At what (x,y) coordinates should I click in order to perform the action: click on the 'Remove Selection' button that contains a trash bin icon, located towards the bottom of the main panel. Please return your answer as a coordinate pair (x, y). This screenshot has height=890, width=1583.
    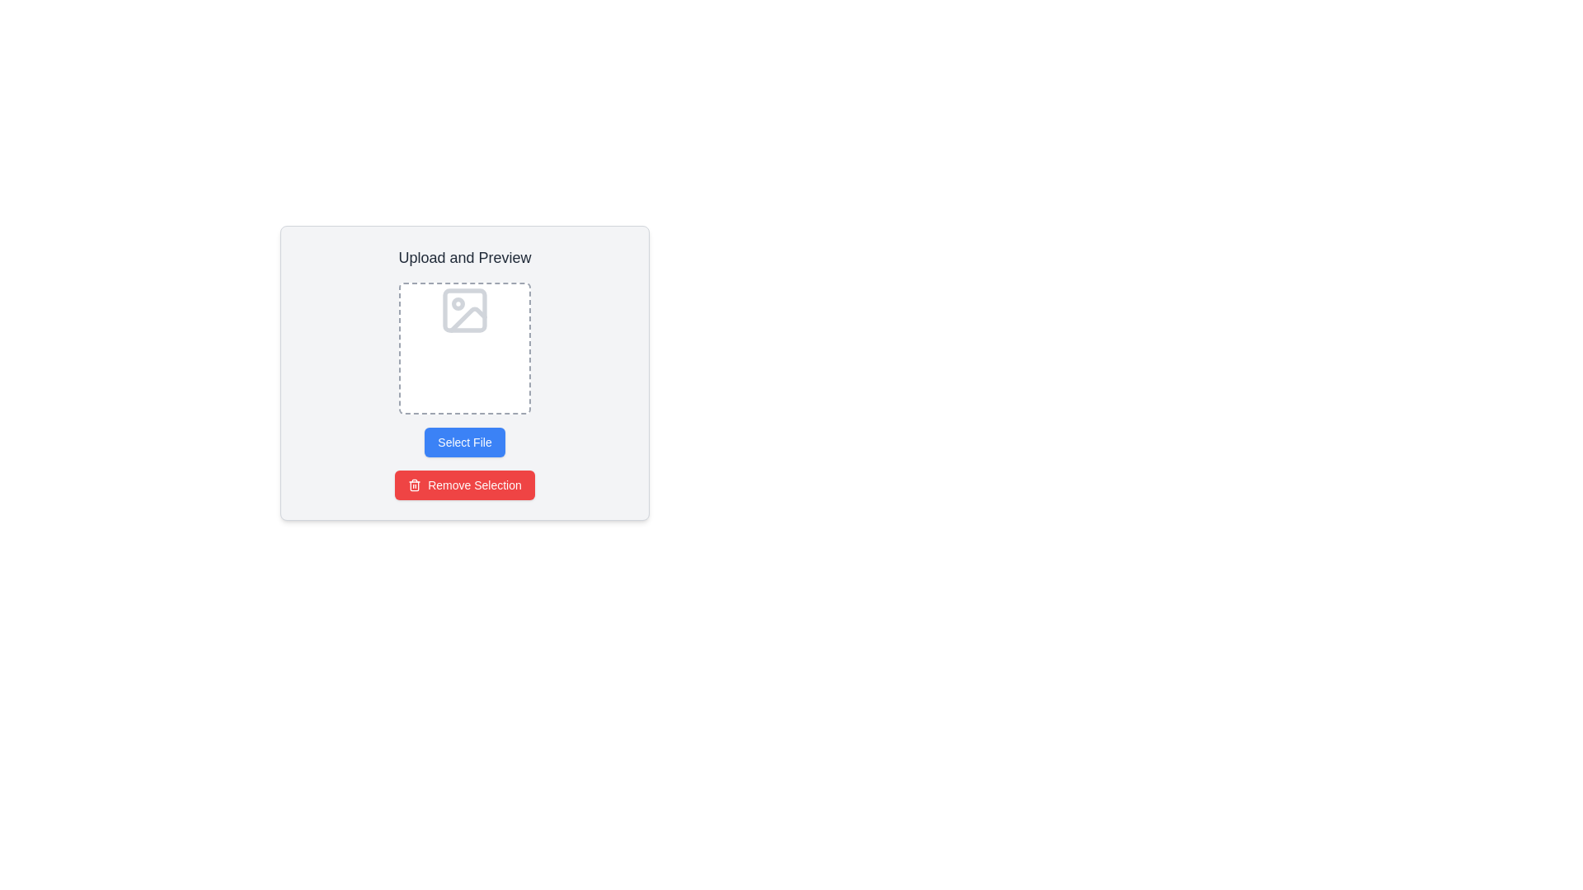
    Looking at the image, I should click on (415, 485).